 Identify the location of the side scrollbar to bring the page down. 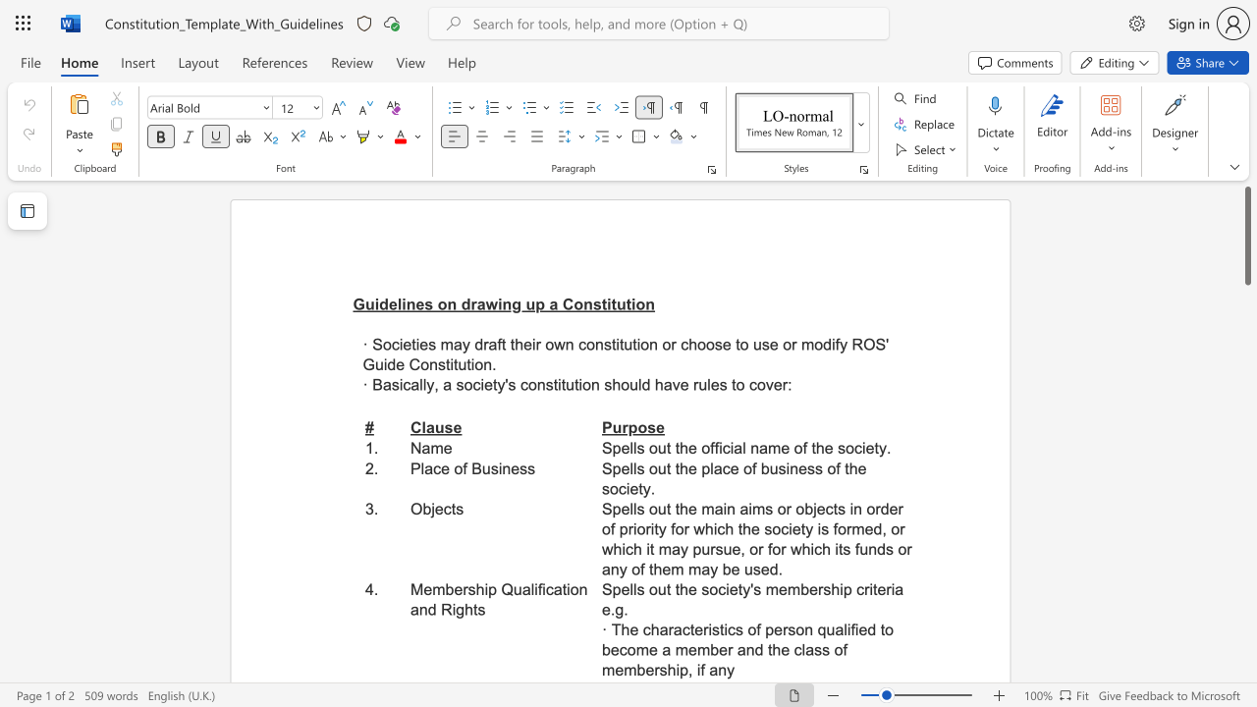
(1246, 462).